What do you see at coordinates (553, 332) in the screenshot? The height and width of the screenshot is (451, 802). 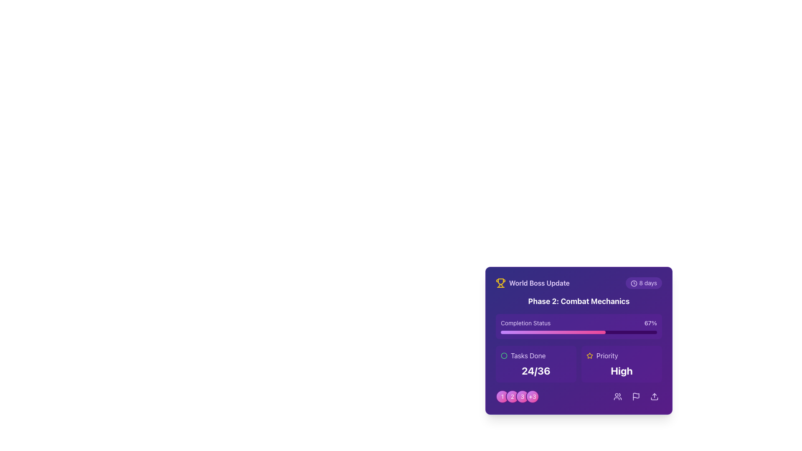 I see `the Progress bar displaying 67% completion located in the card section labeled 'Phase 2: Combat Mechanics' under 'Completion Status'` at bounding box center [553, 332].